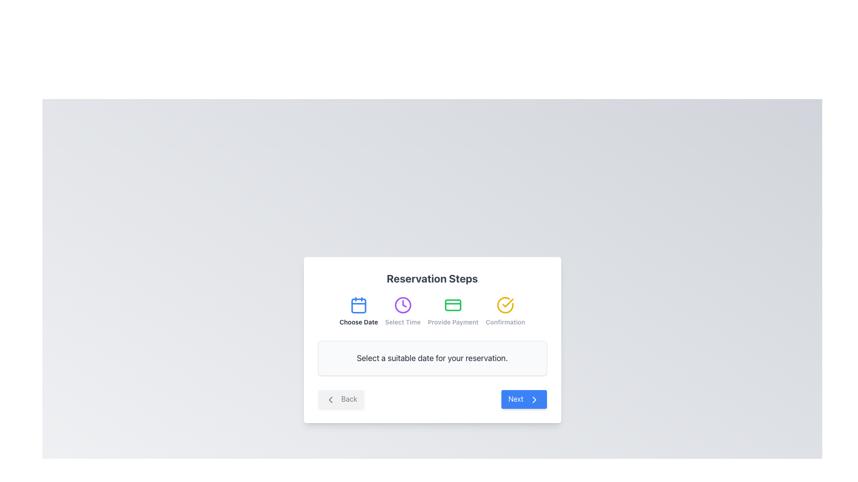 The height and width of the screenshot is (482, 858). Describe the element at coordinates (505, 322) in the screenshot. I see `the 'Confirmation' text label, which is the fourth and last label in a sequence of steps under 'Reservation Steps' and aligned below a yellow circular checkmark icon` at that location.